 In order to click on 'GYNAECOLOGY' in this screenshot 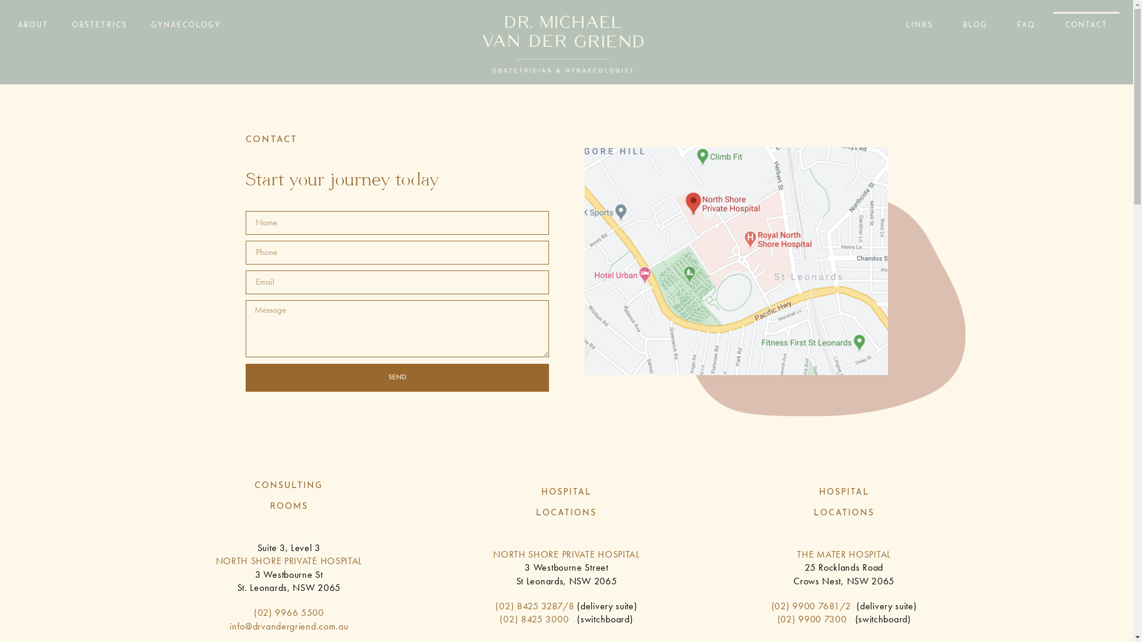, I will do `click(185, 25)`.